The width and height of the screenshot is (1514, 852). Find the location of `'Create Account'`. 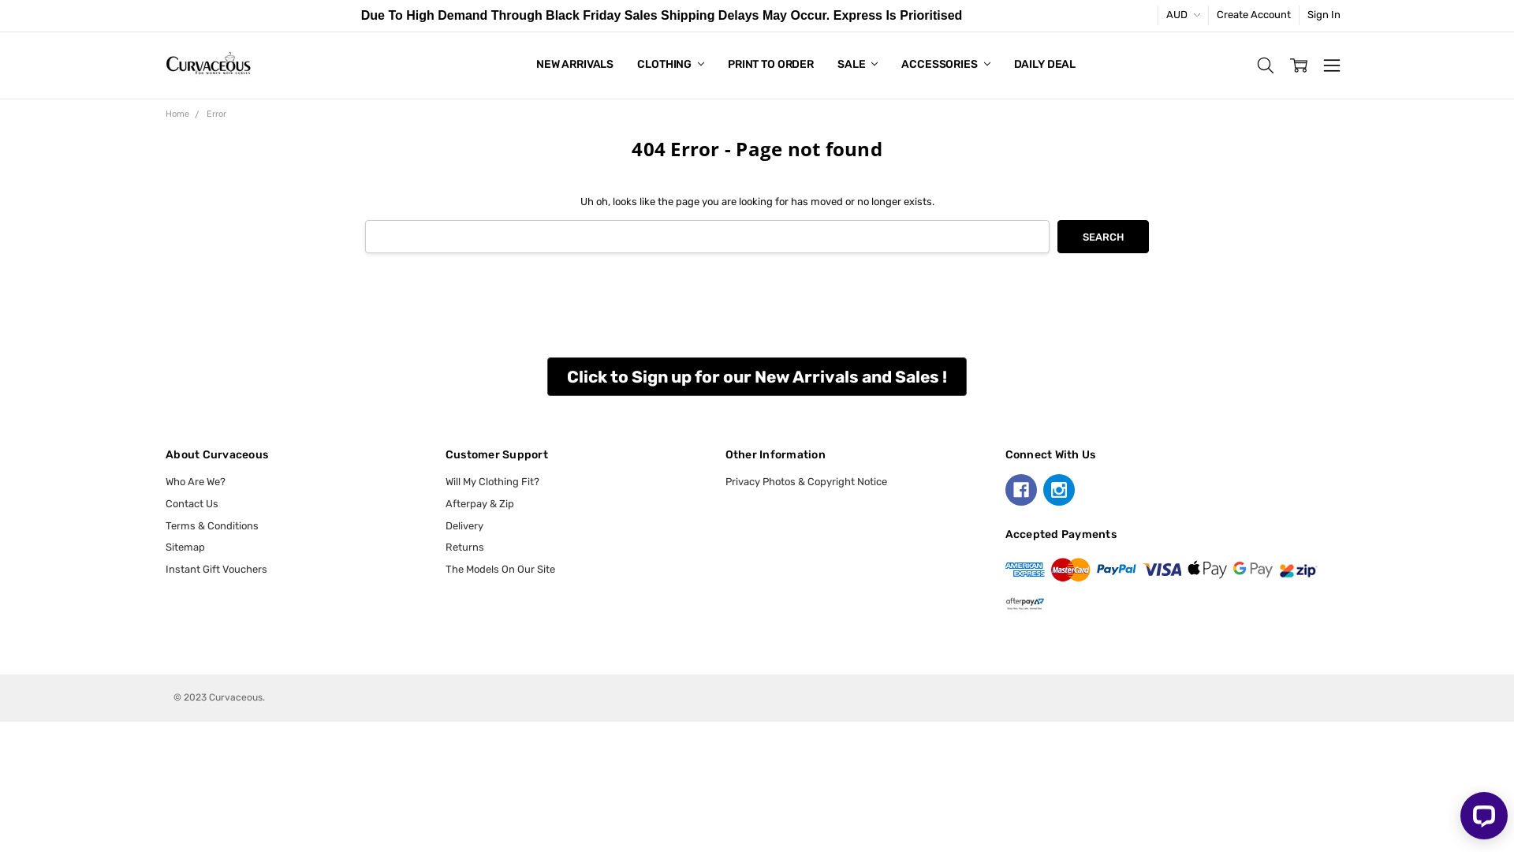

'Create Account' is located at coordinates (1252, 15).